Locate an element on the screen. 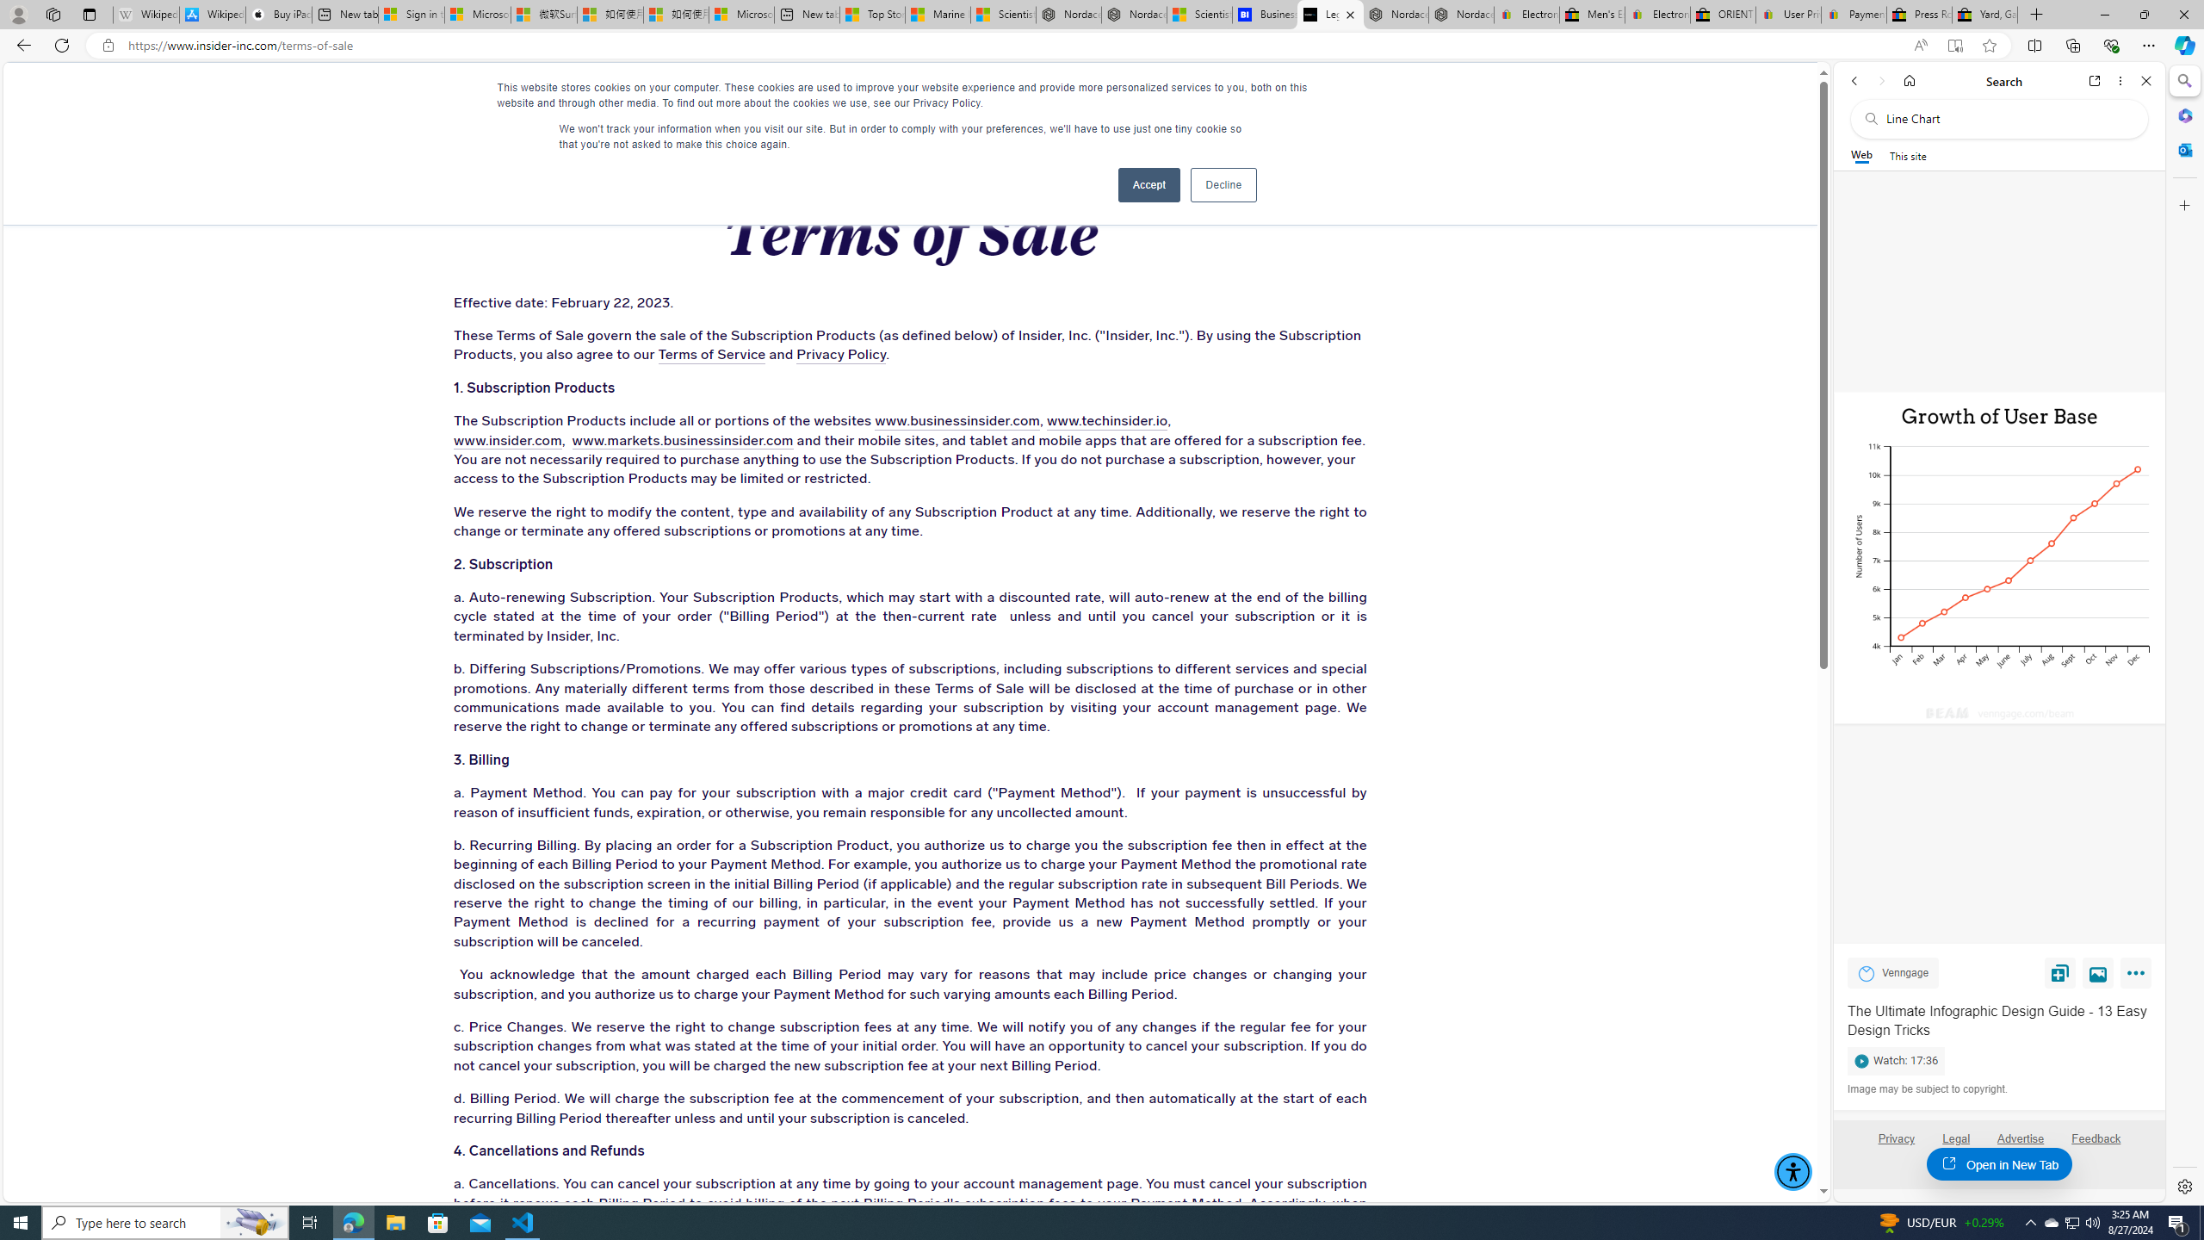 This screenshot has height=1240, width=2204. 'User Privacy Notice | eBay' is located at coordinates (1787, 14).